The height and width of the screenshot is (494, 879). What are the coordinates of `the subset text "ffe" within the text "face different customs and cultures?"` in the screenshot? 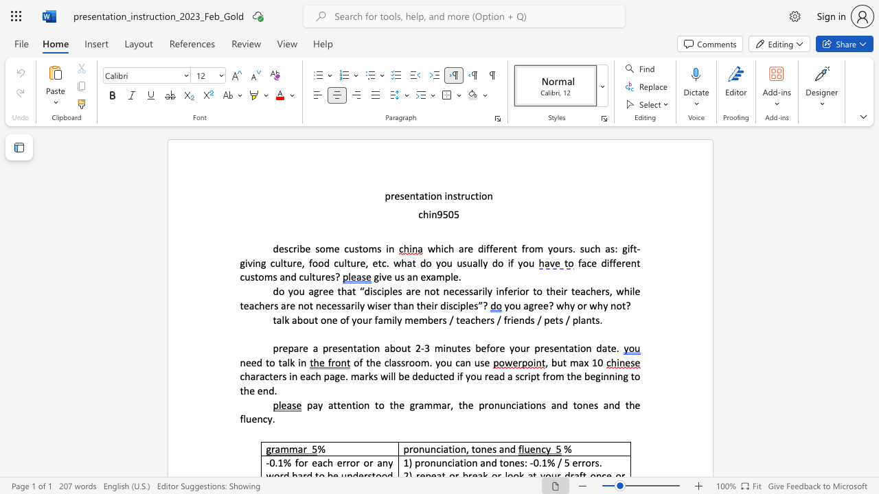 It's located at (608, 263).